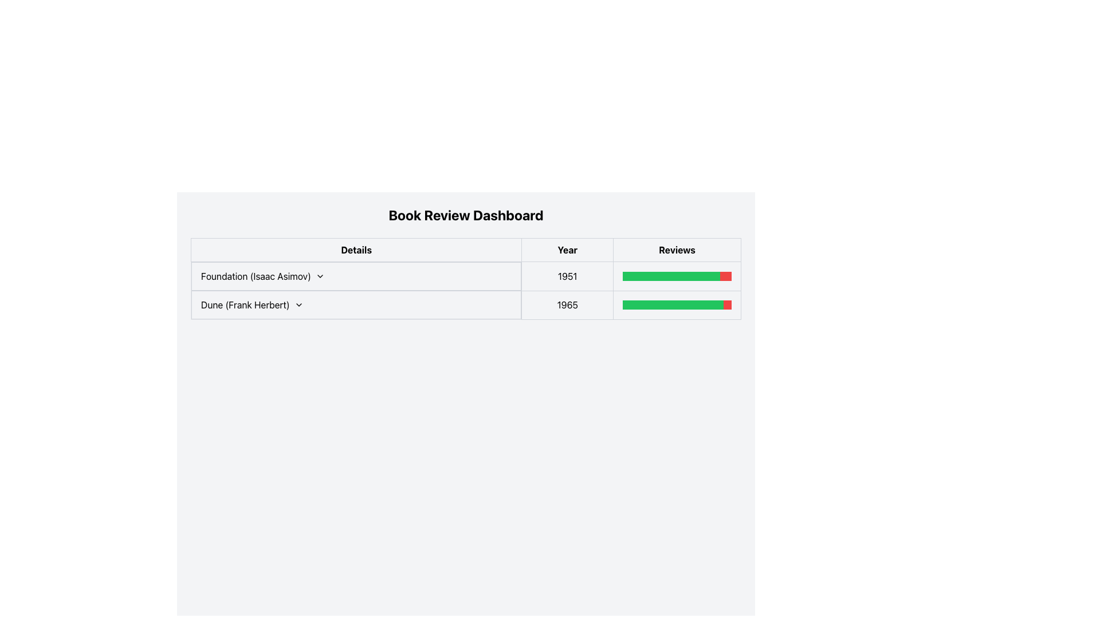 This screenshot has height=618, width=1100. What do you see at coordinates (677, 304) in the screenshot?
I see `the Progress bar in the 'Reviews' column of the second row for the book 'Dune', which visually represents positive versus negative reviews` at bounding box center [677, 304].